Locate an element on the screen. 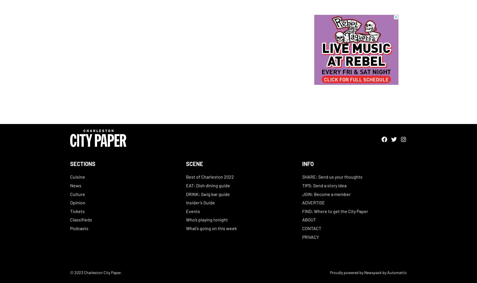 The image size is (477, 283). 'DRINK: Swig bar guide' is located at coordinates (186, 193).